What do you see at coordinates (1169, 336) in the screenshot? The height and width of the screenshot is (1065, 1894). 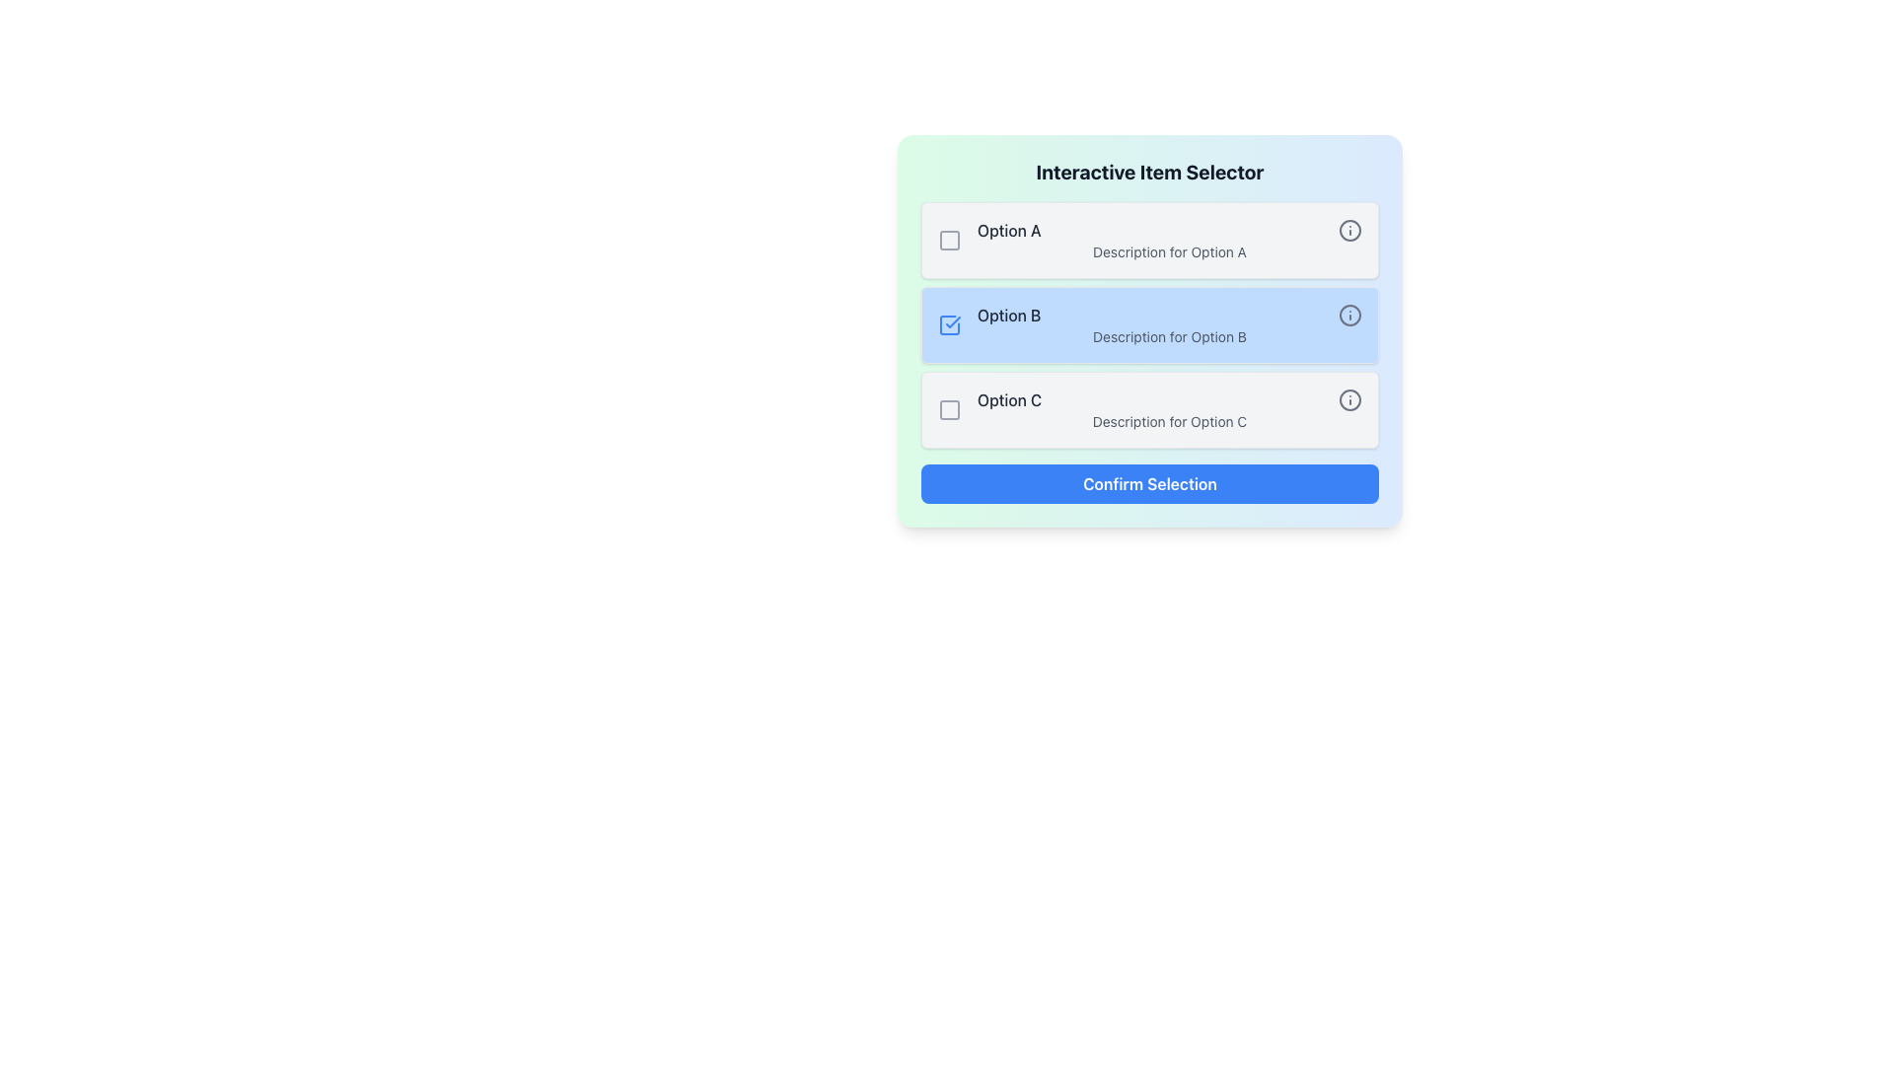 I see `the static text label displaying 'Description for Option B', which is positioned below the checkable item labeled 'Option B'` at bounding box center [1169, 336].